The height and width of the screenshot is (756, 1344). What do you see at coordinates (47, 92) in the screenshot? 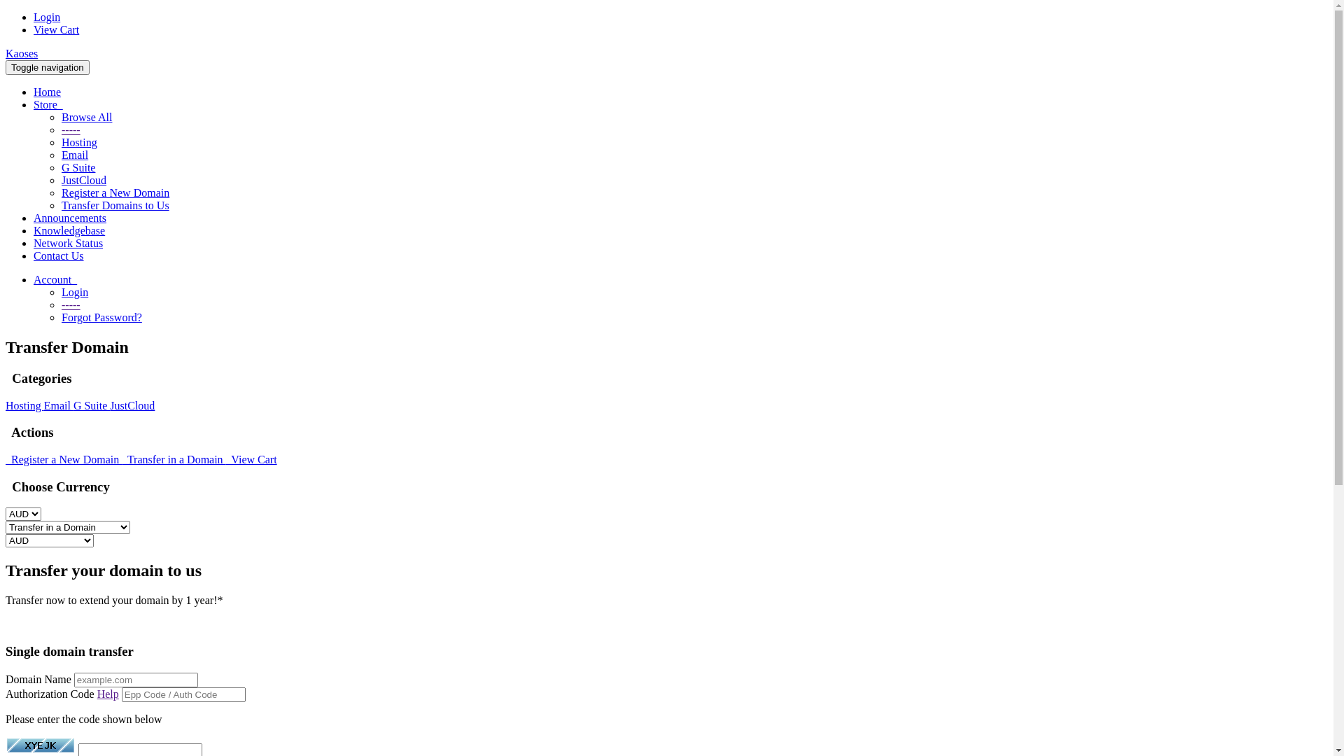
I see `'Home'` at bounding box center [47, 92].